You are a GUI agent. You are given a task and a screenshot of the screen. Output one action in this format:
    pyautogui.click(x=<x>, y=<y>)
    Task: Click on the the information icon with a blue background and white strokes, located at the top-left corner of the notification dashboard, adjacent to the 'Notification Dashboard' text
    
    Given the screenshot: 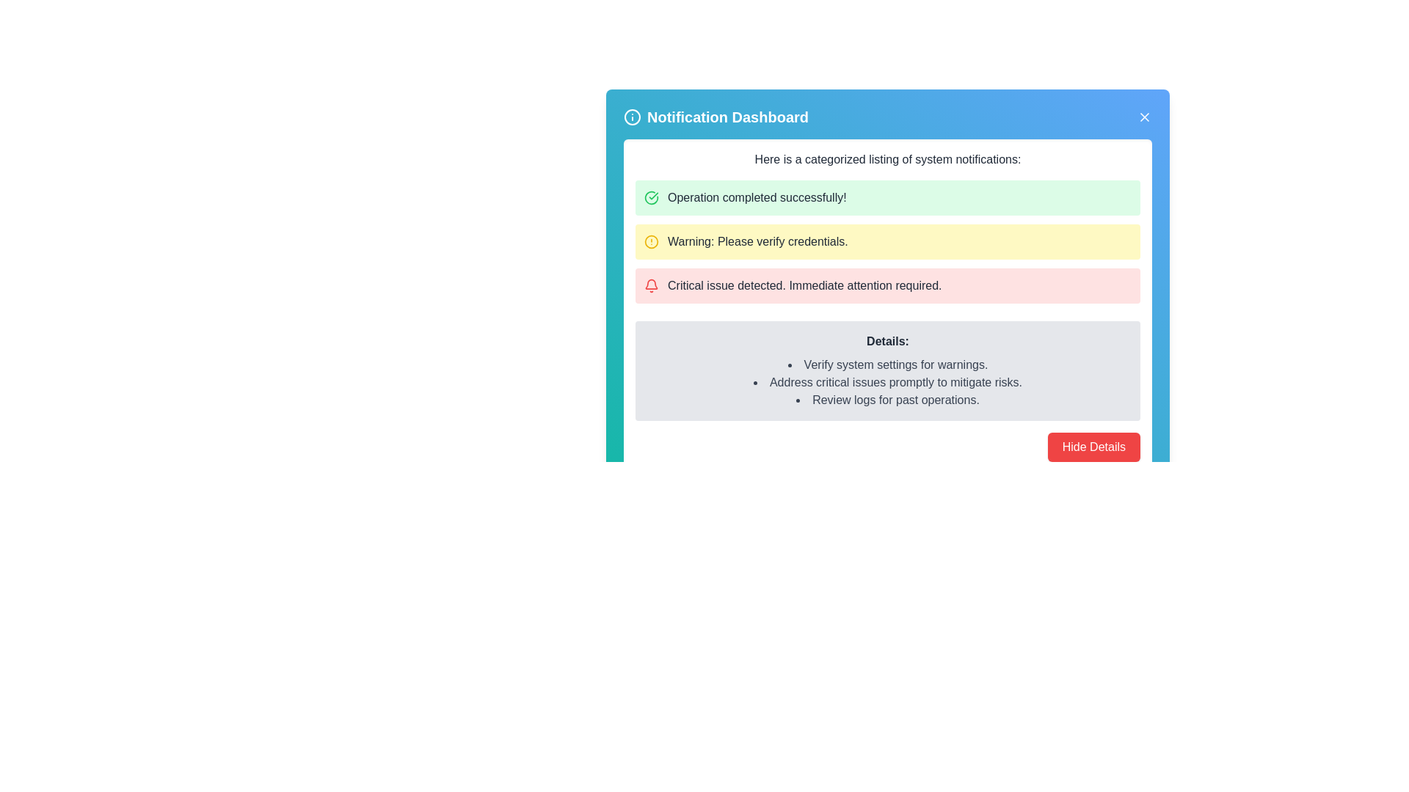 What is the action you would take?
    pyautogui.click(x=633, y=116)
    